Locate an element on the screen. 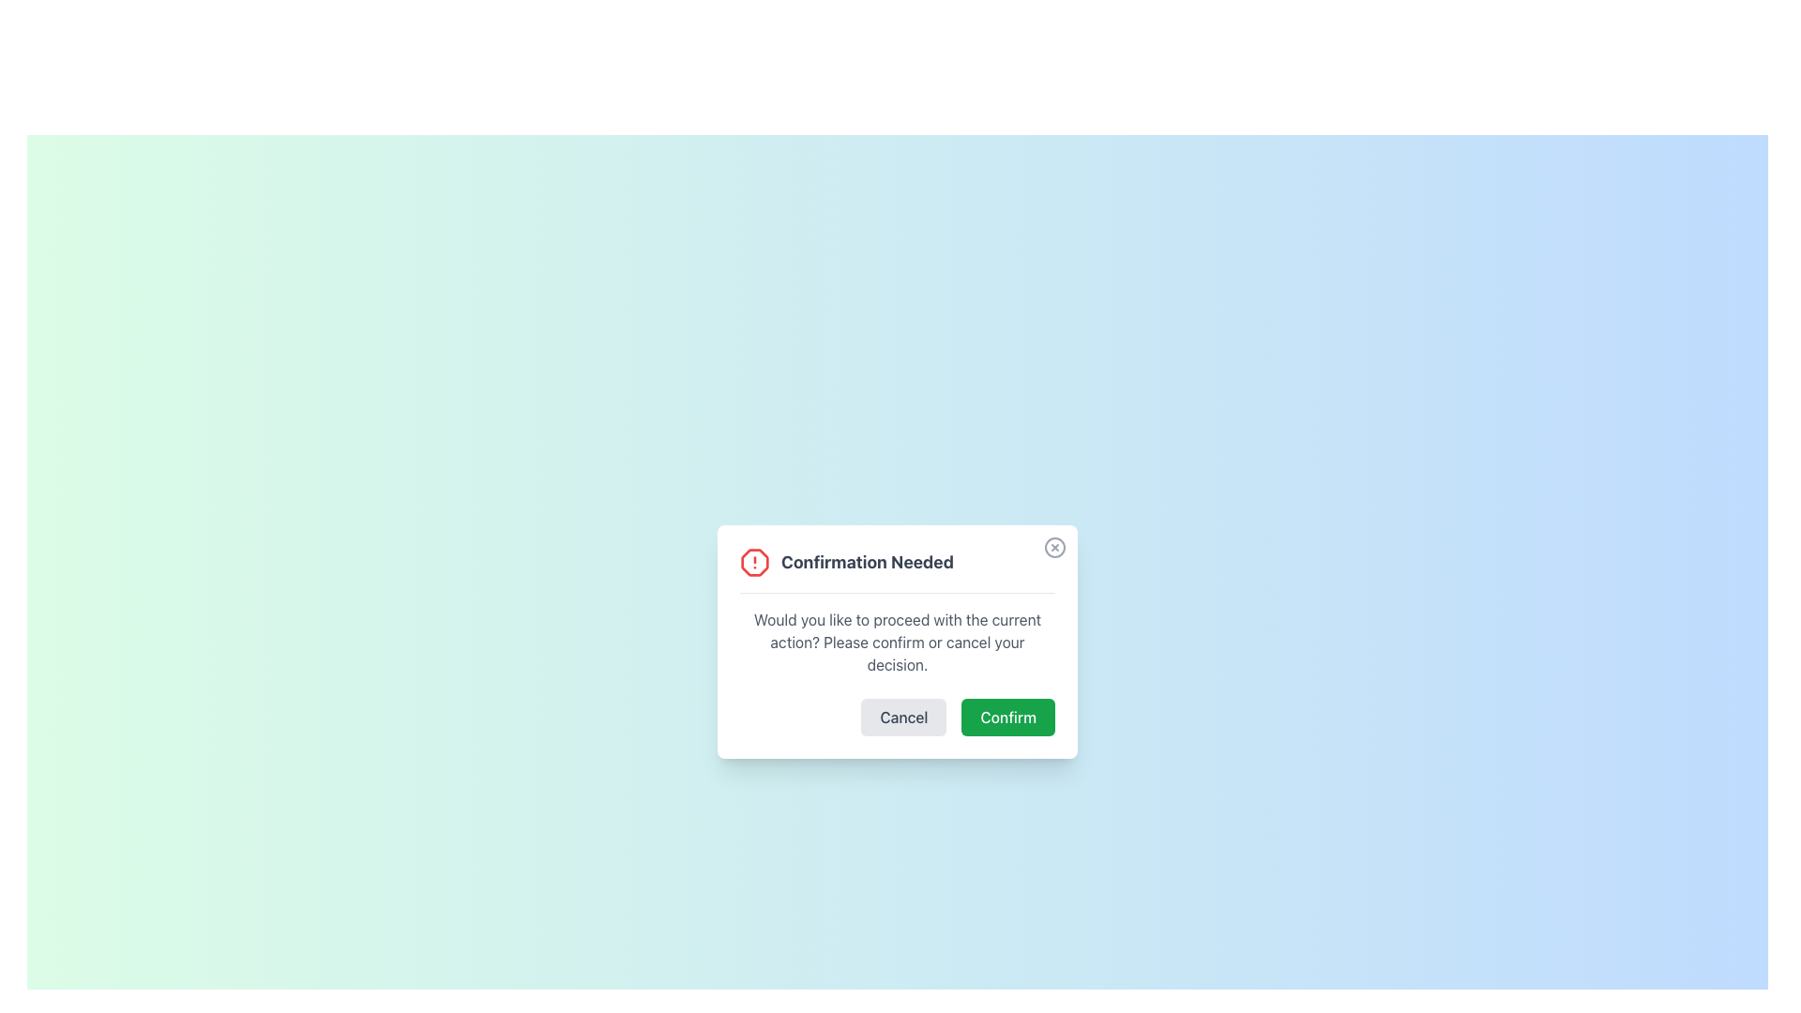 Image resolution: width=1801 pixels, height=1013 pixels. the warning or confirmation message label located at the top portion of the modal dialog box to draw attention is located at coordinates (896, 569).